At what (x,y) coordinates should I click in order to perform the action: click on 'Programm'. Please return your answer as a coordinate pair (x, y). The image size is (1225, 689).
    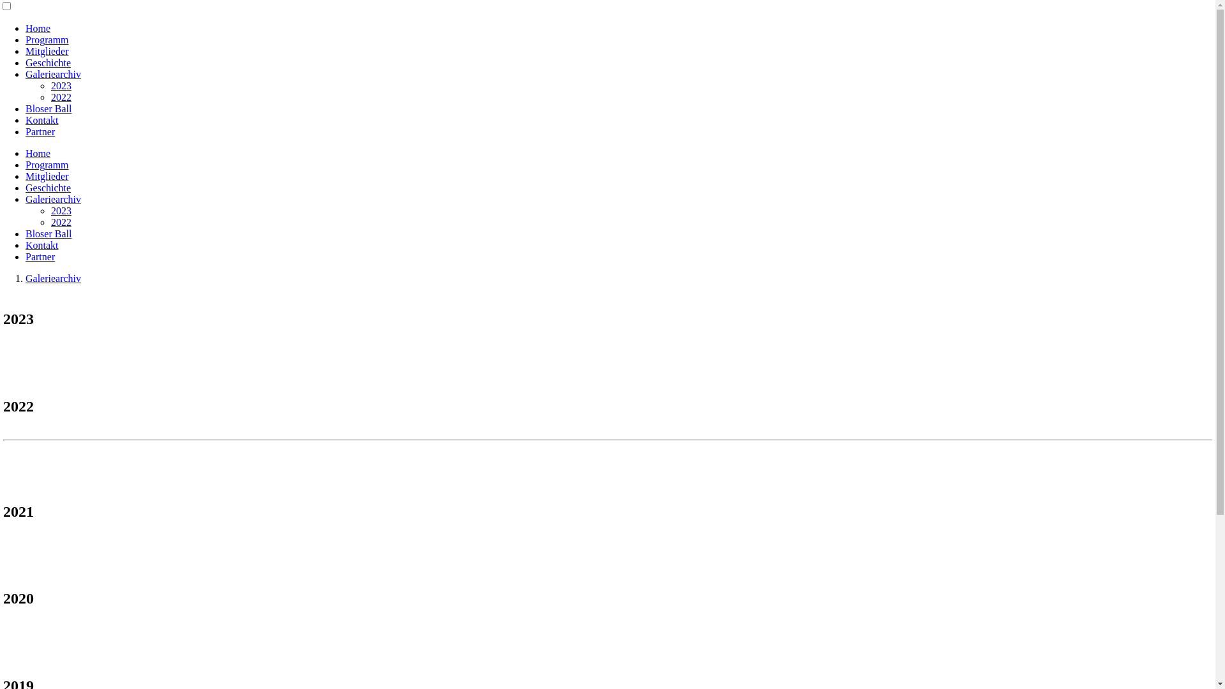
    Looking at the image, I should click on (25, 164).